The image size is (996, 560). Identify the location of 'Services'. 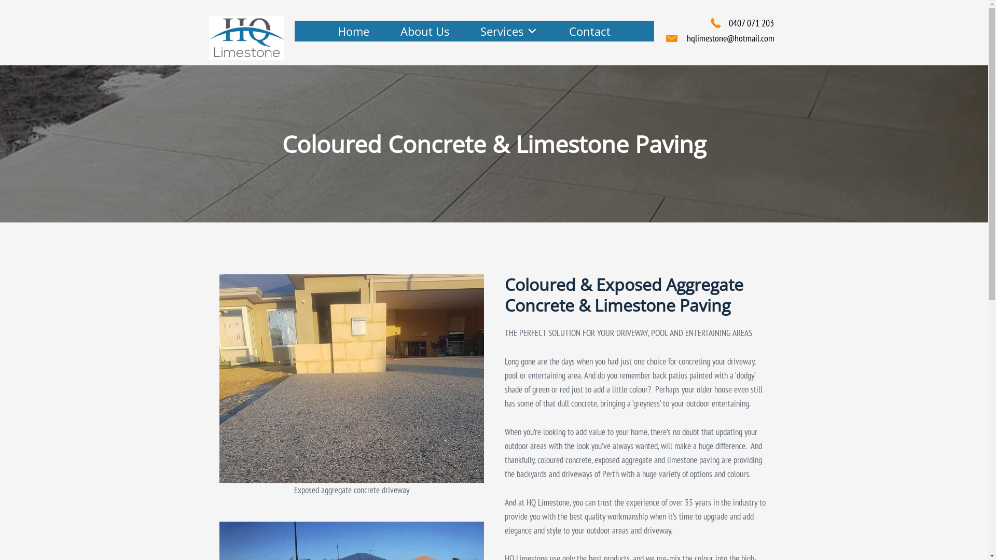
(509, 31).